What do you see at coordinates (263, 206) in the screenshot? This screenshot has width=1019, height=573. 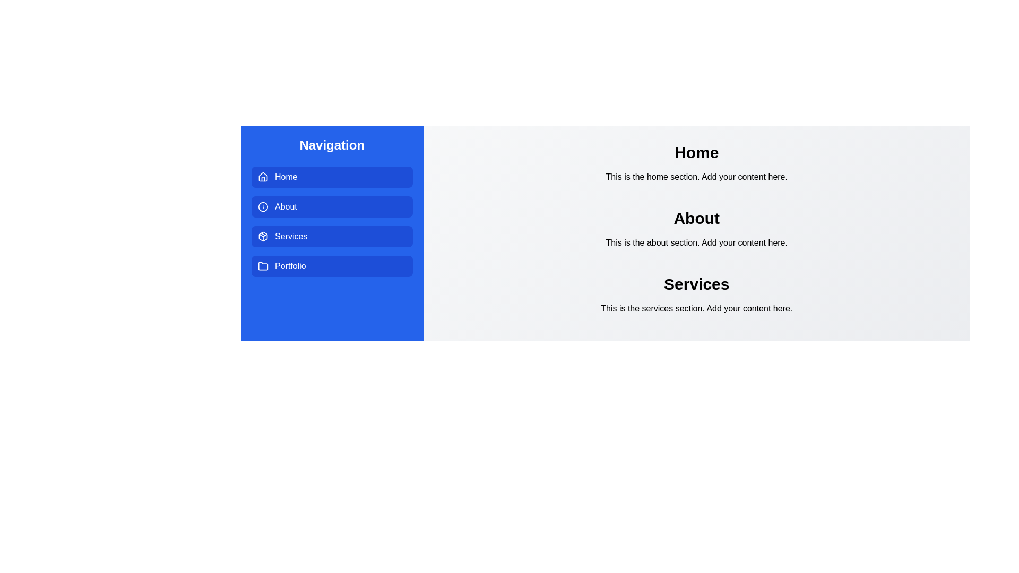 I see `the 'About' icon located in the navigation menu on the left side of the page` at bounding box center [263, 206].